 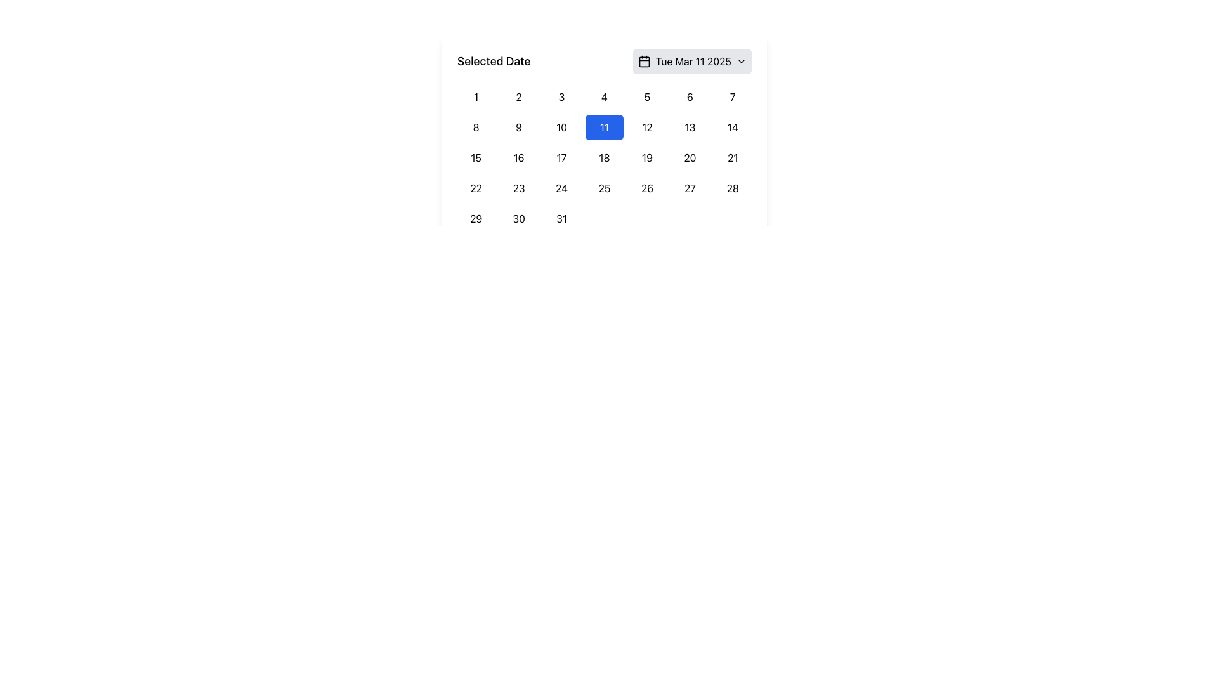 I want to click on the Text button representing the date '29' in the bottom-left area of the calendar grid, so click(x=475, y=218).